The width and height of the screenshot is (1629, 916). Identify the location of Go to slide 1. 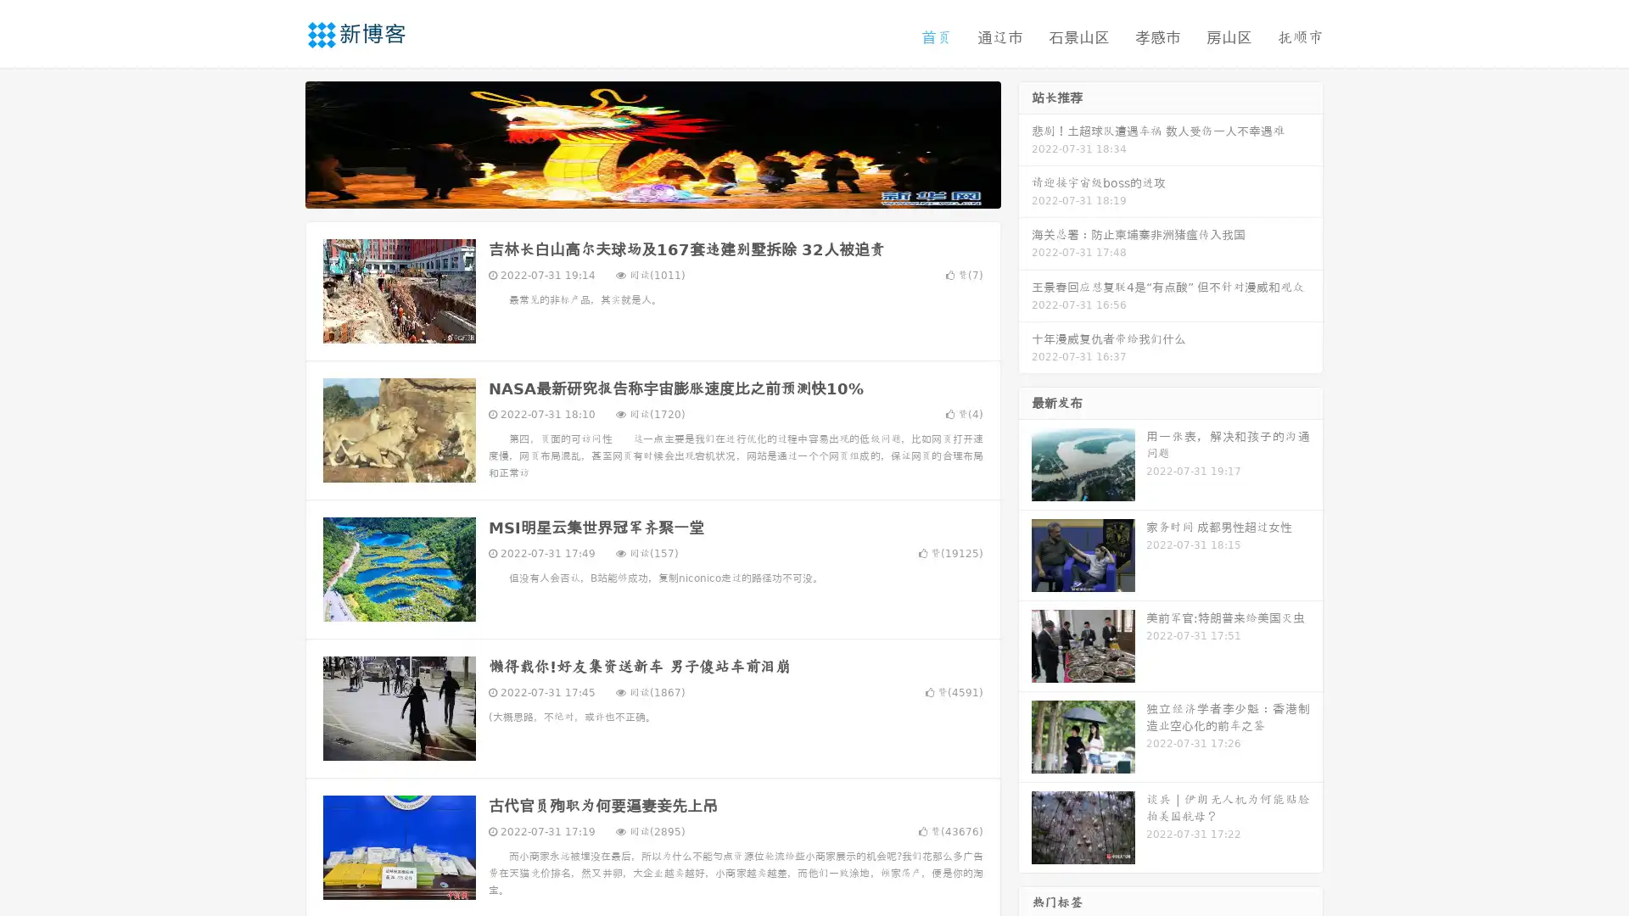
(635, 191).